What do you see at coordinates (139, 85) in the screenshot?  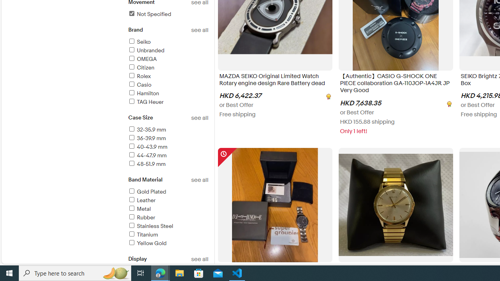 I see `'Casio'` at bounding box center [139, 85].